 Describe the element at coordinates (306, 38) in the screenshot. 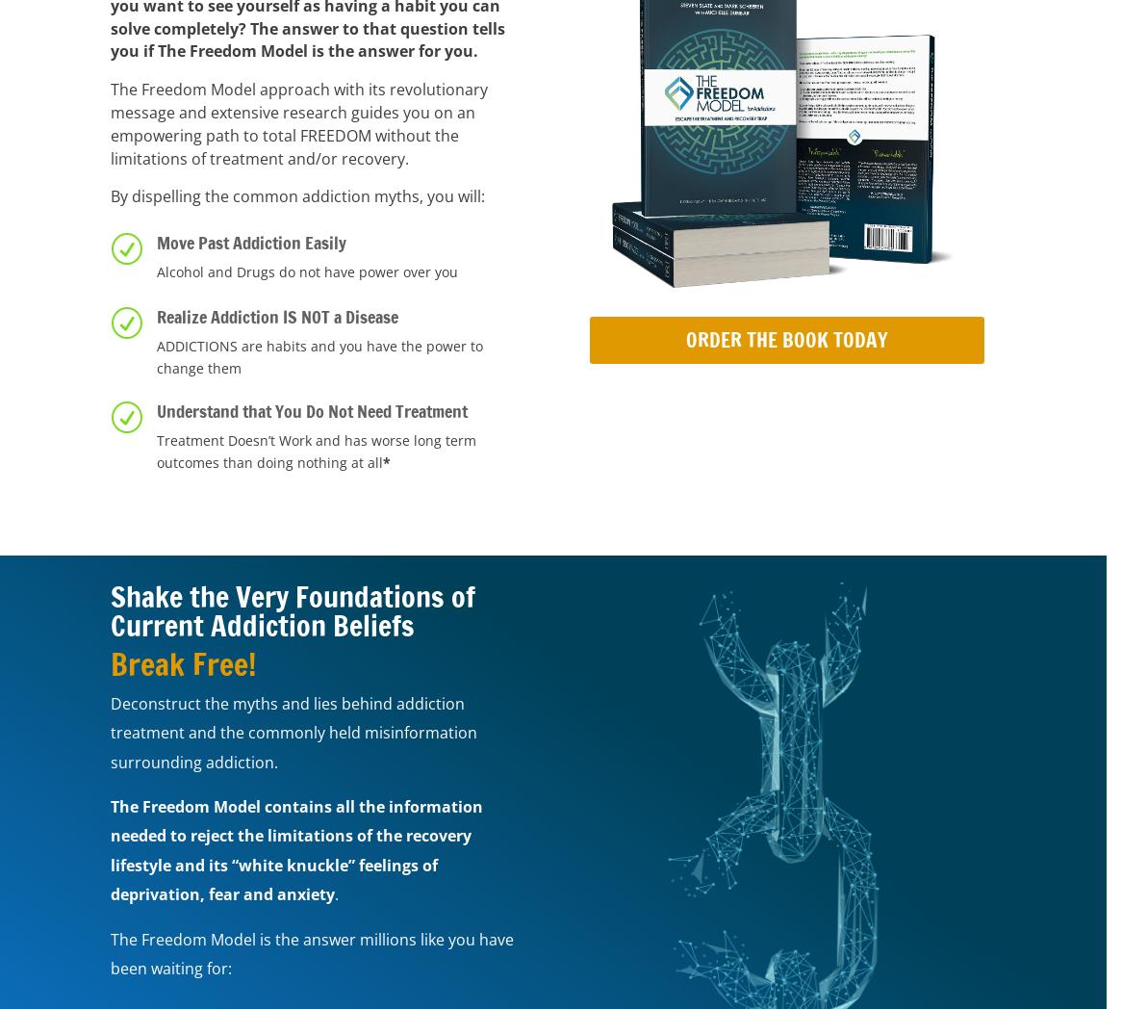

I see `'The answer to that question tells you if The Freedom Model is the answer for you.'` at that location.